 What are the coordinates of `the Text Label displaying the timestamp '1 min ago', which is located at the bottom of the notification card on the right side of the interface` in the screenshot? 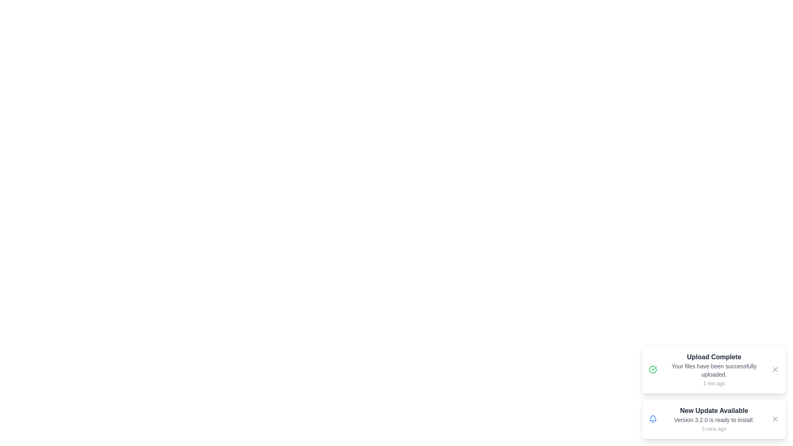 It's located at (713, 384).